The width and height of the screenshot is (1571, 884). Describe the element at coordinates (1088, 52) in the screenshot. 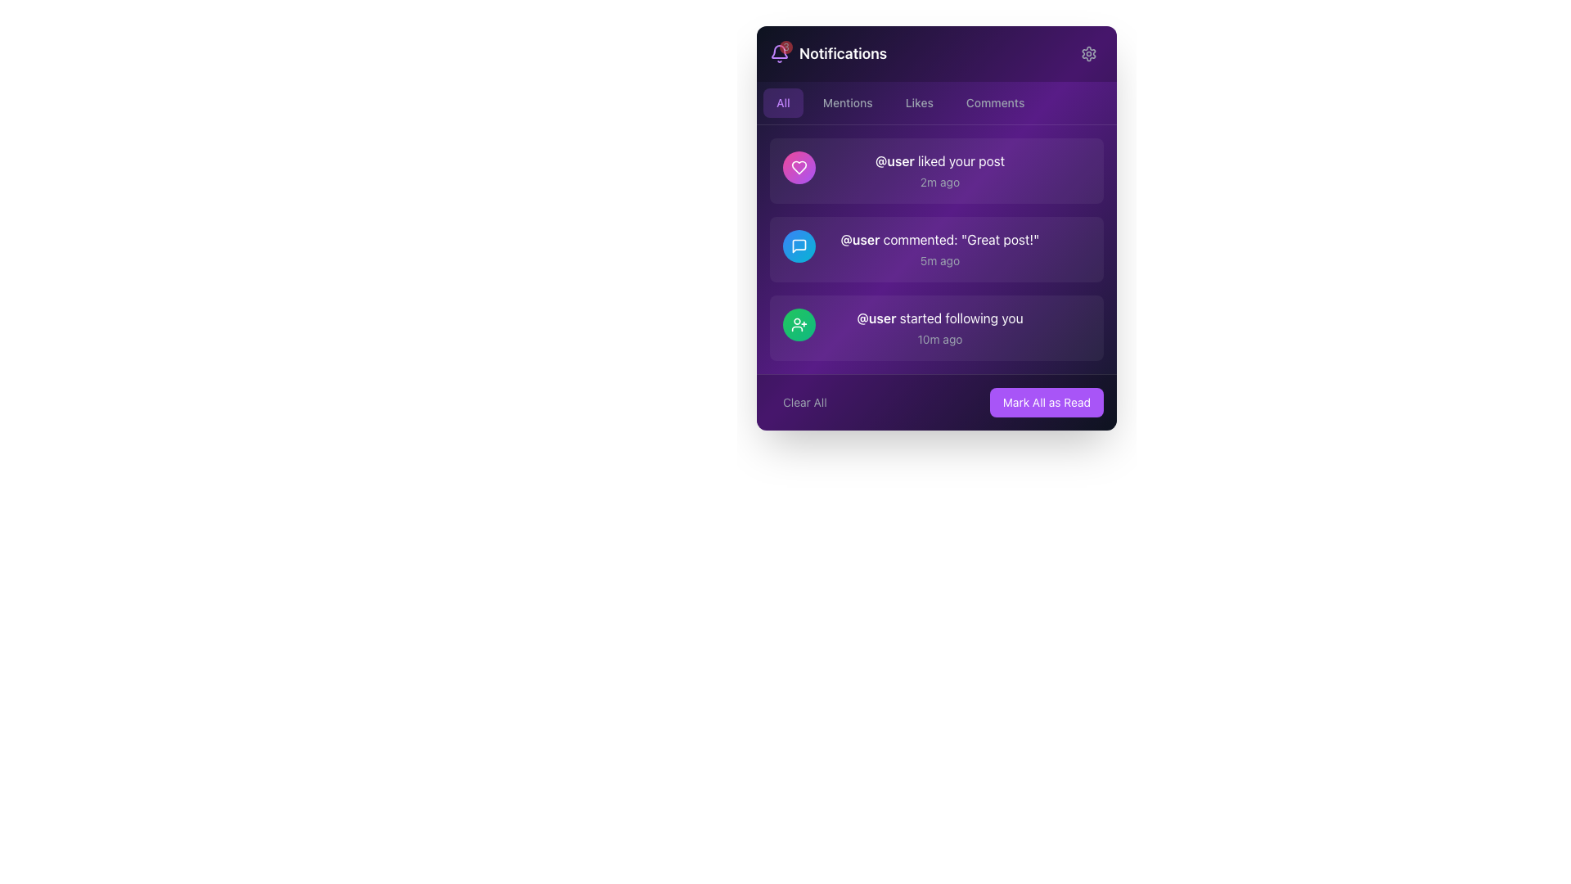

I see `the cogwheel icon button at the top-right of the notification panel` at that location.